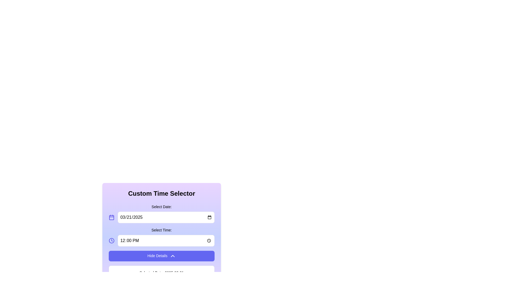 The height and width of the screenshot is (286, 508). Describe the element at coordinates (111, 241) in the screenshot. I see `the outer boundary of the clock icon, which visually communicates the time selection functionality to users` at that location.